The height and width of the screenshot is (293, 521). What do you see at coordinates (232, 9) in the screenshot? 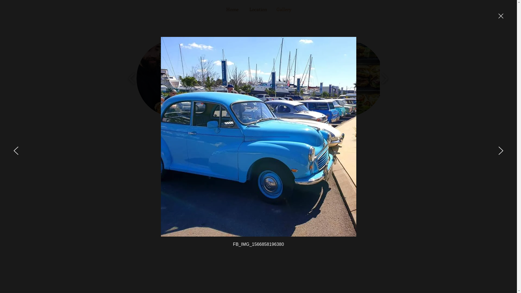
I see `'Home'` at bounding box center [232, 9].